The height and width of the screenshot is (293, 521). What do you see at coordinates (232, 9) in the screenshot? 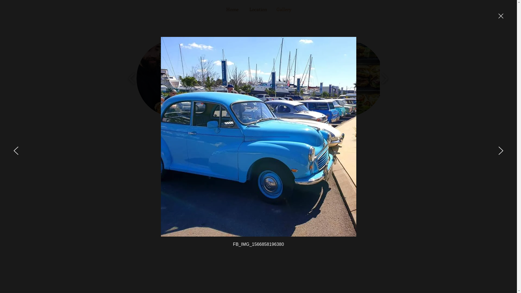
I see `'Home'` at bounding box center [232, 9].